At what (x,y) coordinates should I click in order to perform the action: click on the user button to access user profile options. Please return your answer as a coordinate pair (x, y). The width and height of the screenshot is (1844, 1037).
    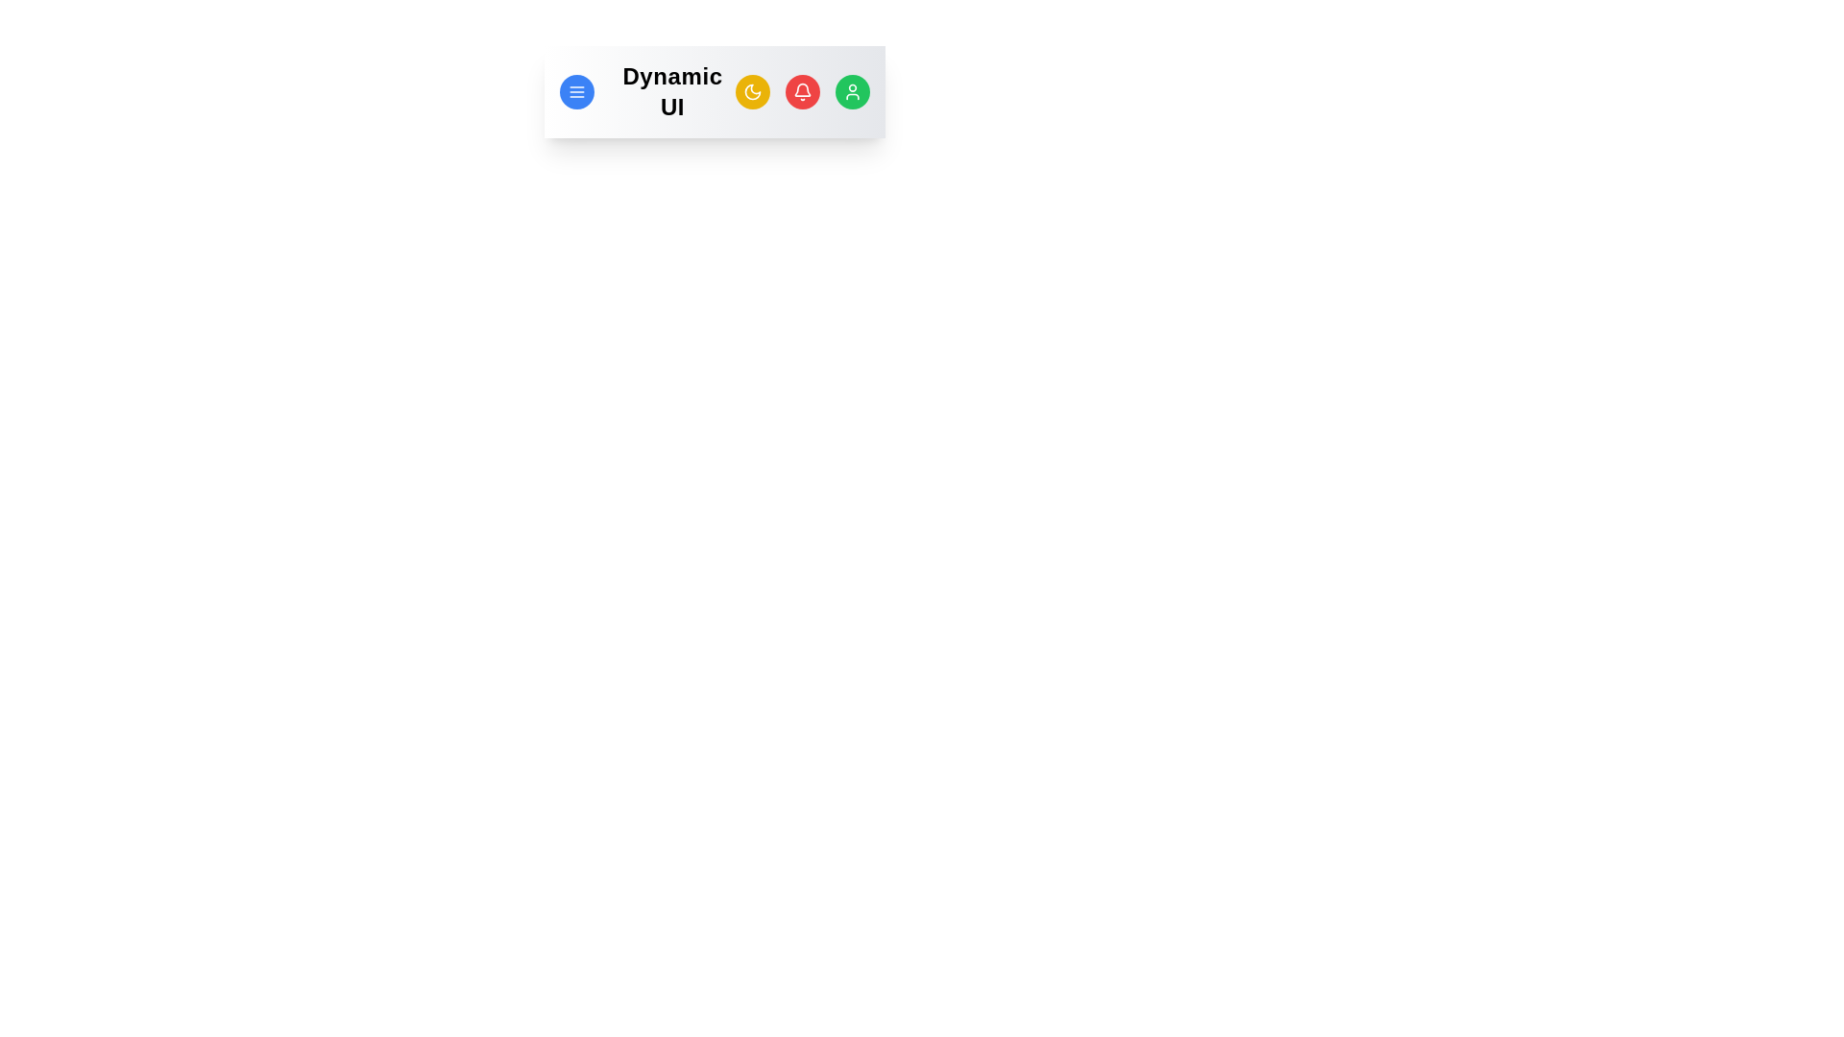
    Looking at the image, I should click on (852, 92).